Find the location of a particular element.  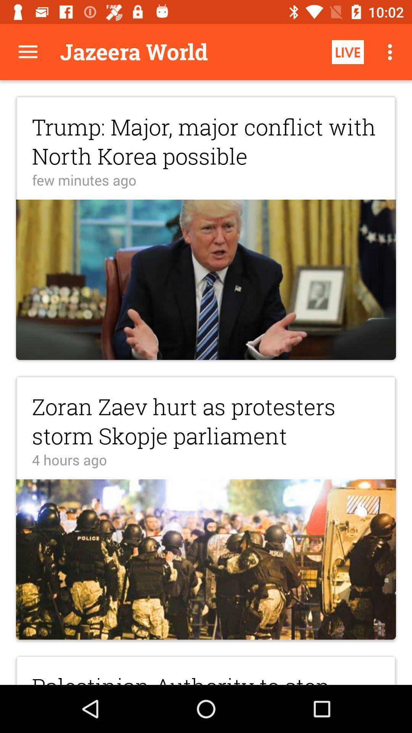

the icon to the right of jazeera world icon is located at coordinates (348, 52).